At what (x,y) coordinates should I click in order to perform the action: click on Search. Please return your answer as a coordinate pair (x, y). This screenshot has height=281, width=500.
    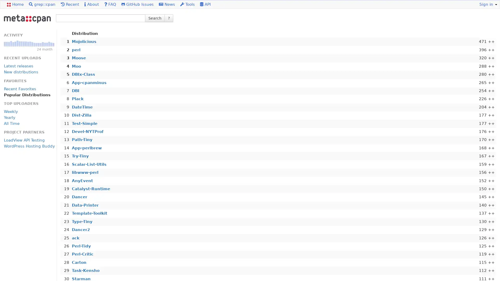
    Looking at the image, I should click on (155, 18).